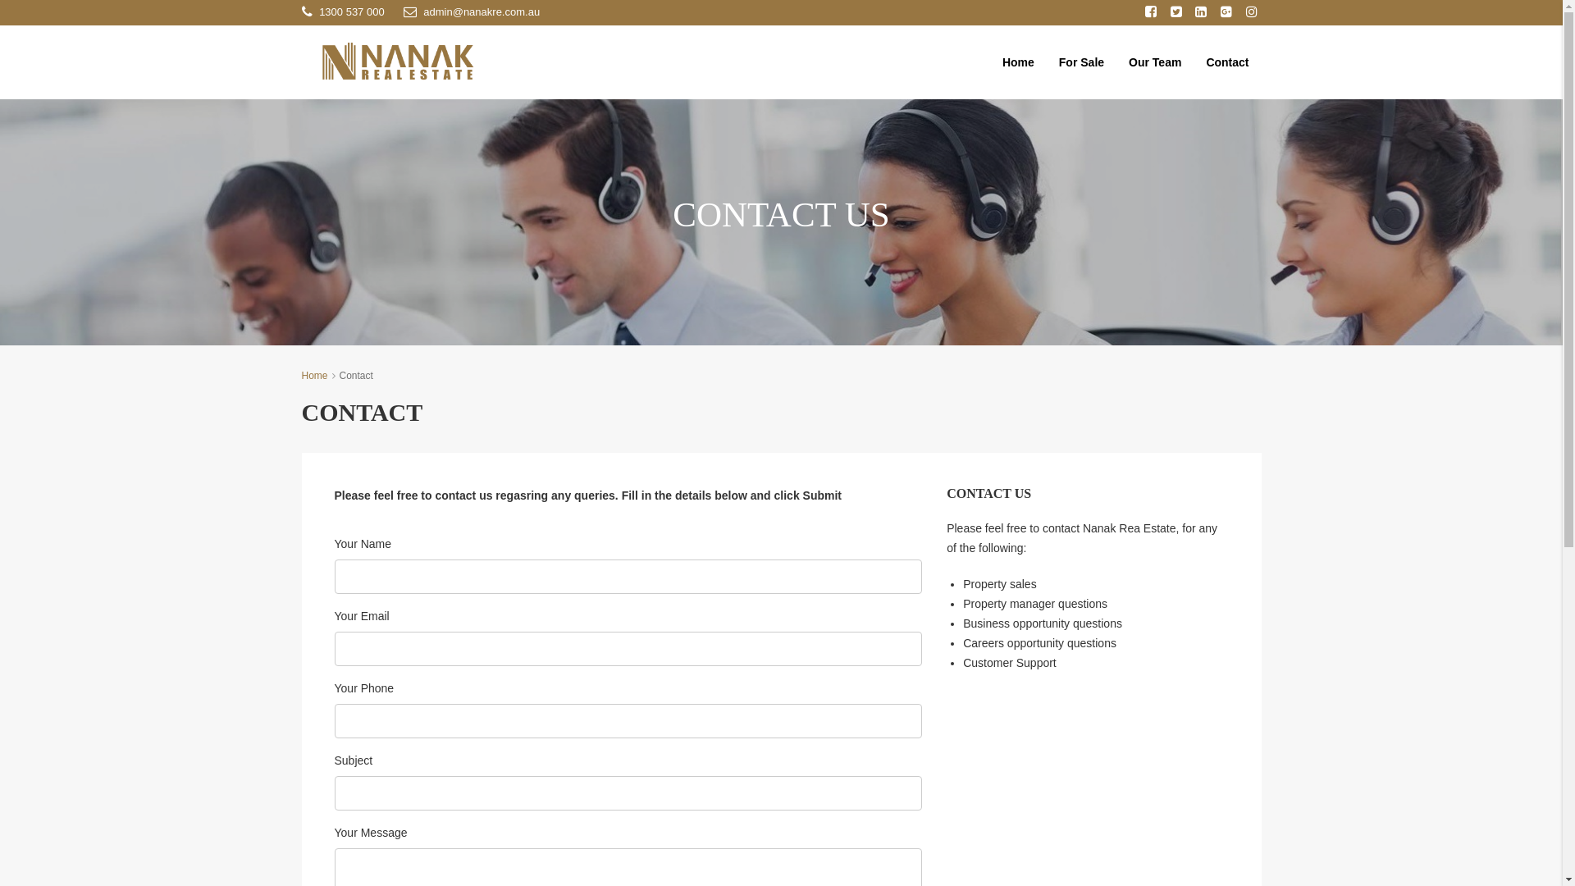  Describe the element at coordinates (342, 11) in the screenshot. I see `'1300 537 000'` at that location.